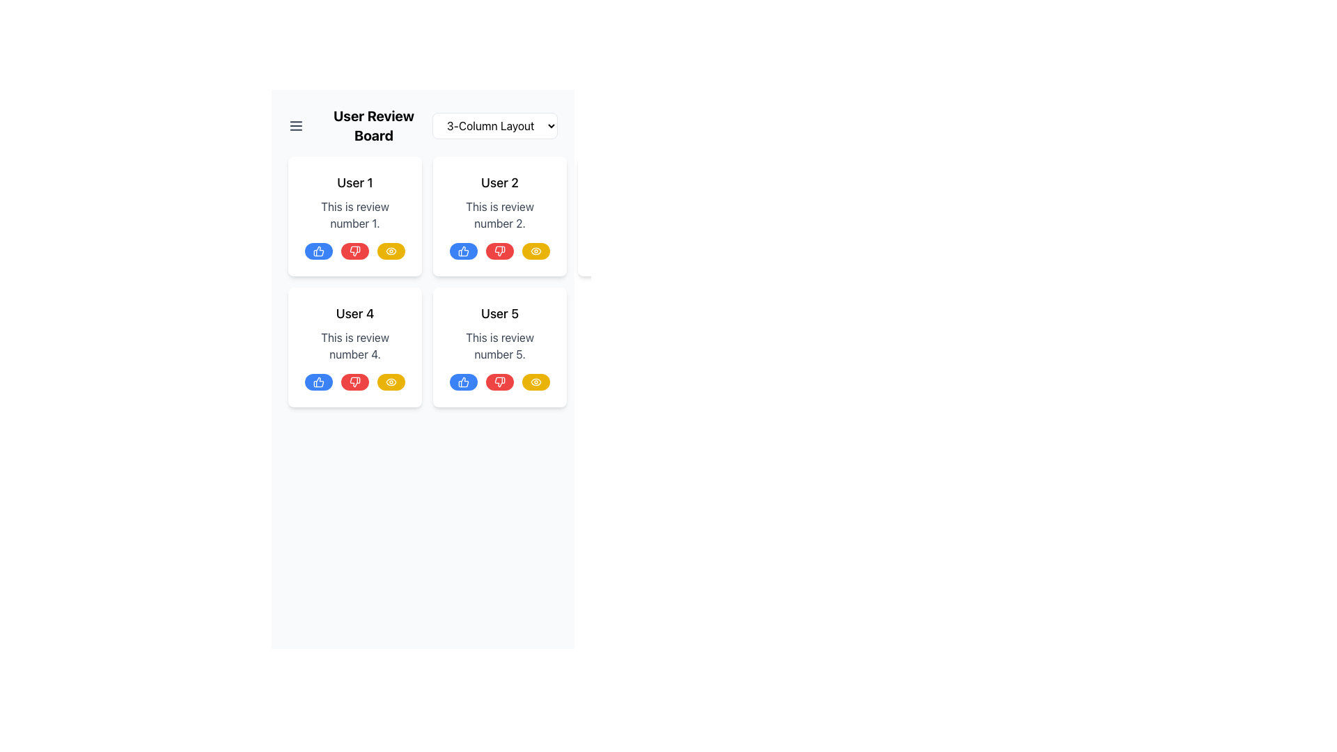 The width and height of the screenshot is (1337, 752). I want to click on the yellow button with rounded edges containing a white eye icon located in the bottom-right corner of the card for 'User 1', so click(390, 251).